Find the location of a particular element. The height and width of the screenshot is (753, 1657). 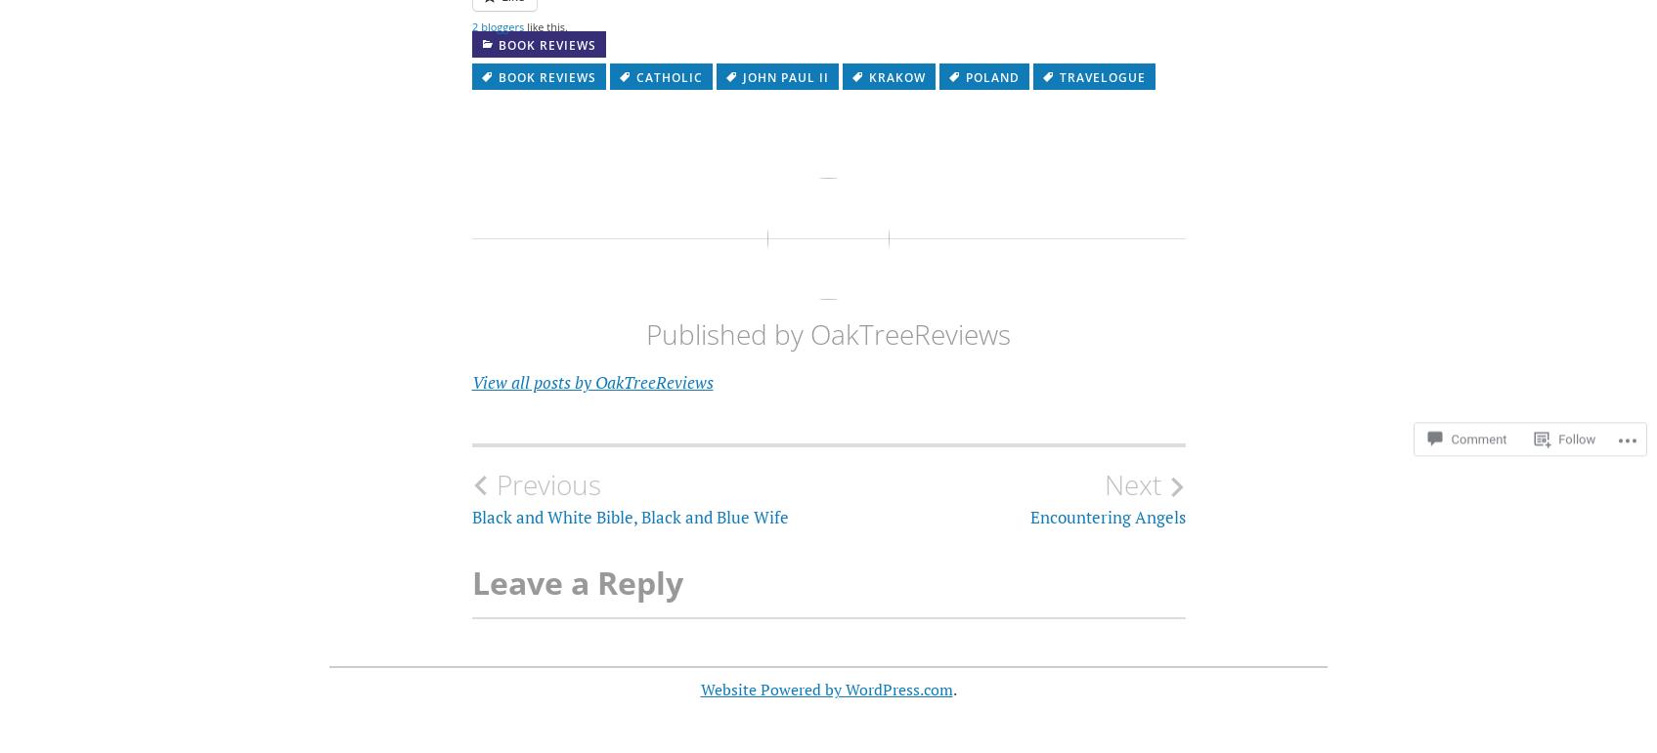

'Catholic' is located at coordinates (668, 77).